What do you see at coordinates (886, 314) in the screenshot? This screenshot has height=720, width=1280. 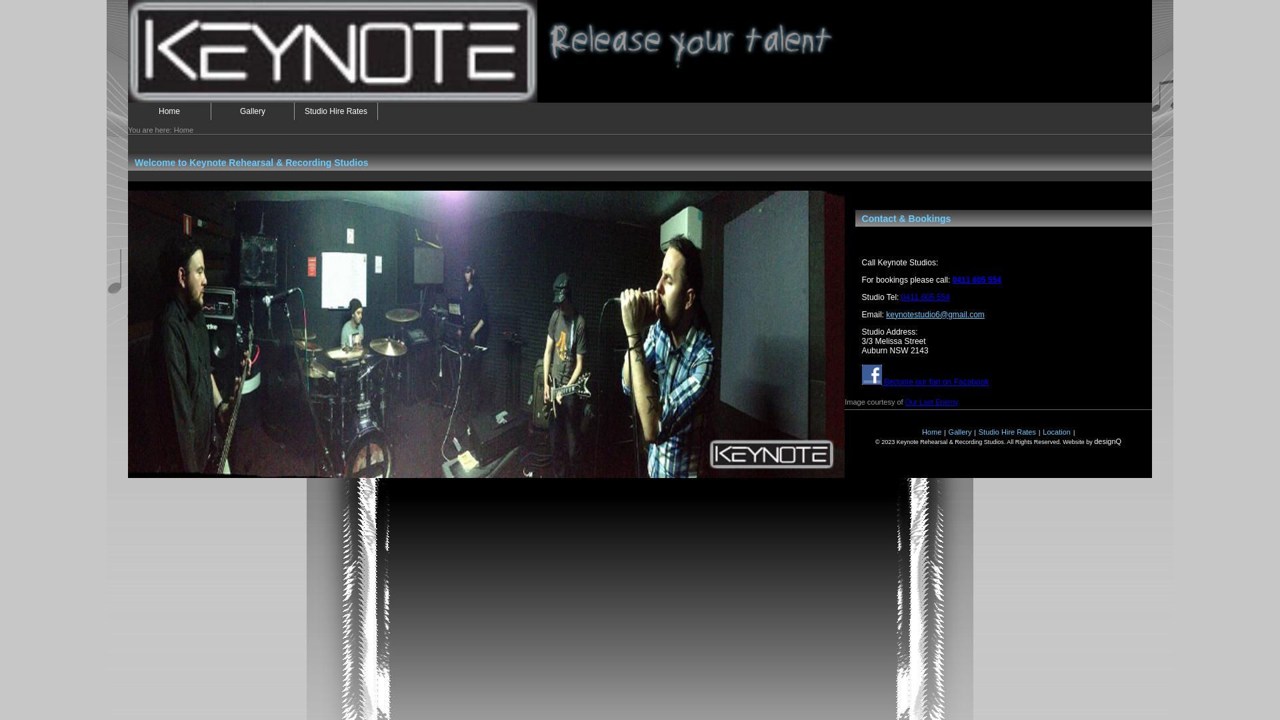 I see `'keynotestudio6@gmail.com'` at bounding box center [886, 314].